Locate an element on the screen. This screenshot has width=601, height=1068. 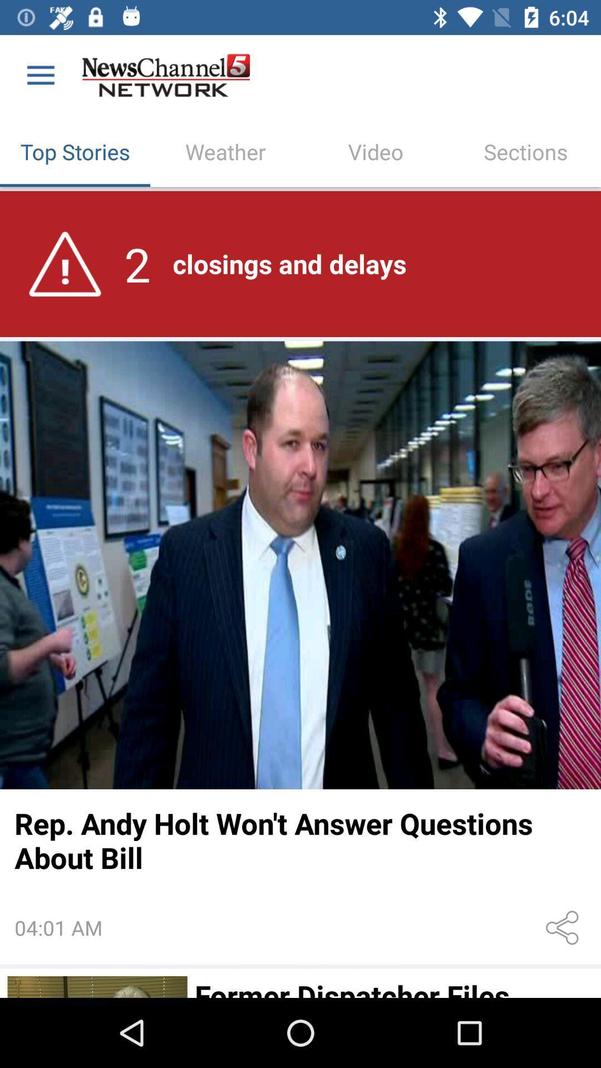
icon above the former dispatcher files icon is located at coordinates (564, 928).